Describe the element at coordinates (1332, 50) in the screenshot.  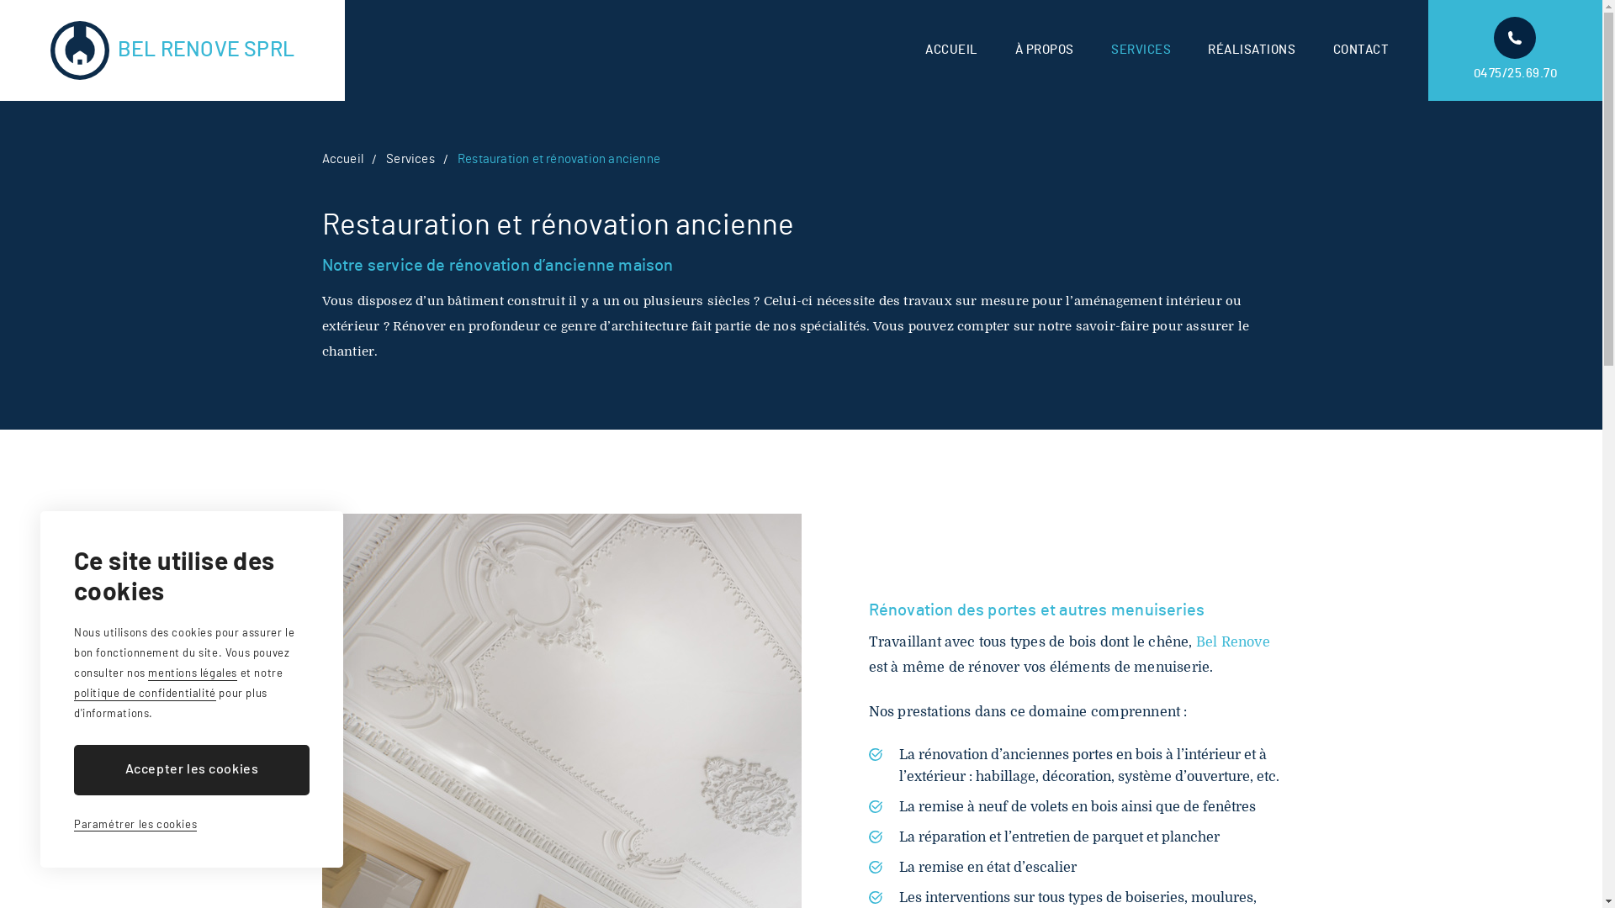
I see `'CONTACT'` at that location.